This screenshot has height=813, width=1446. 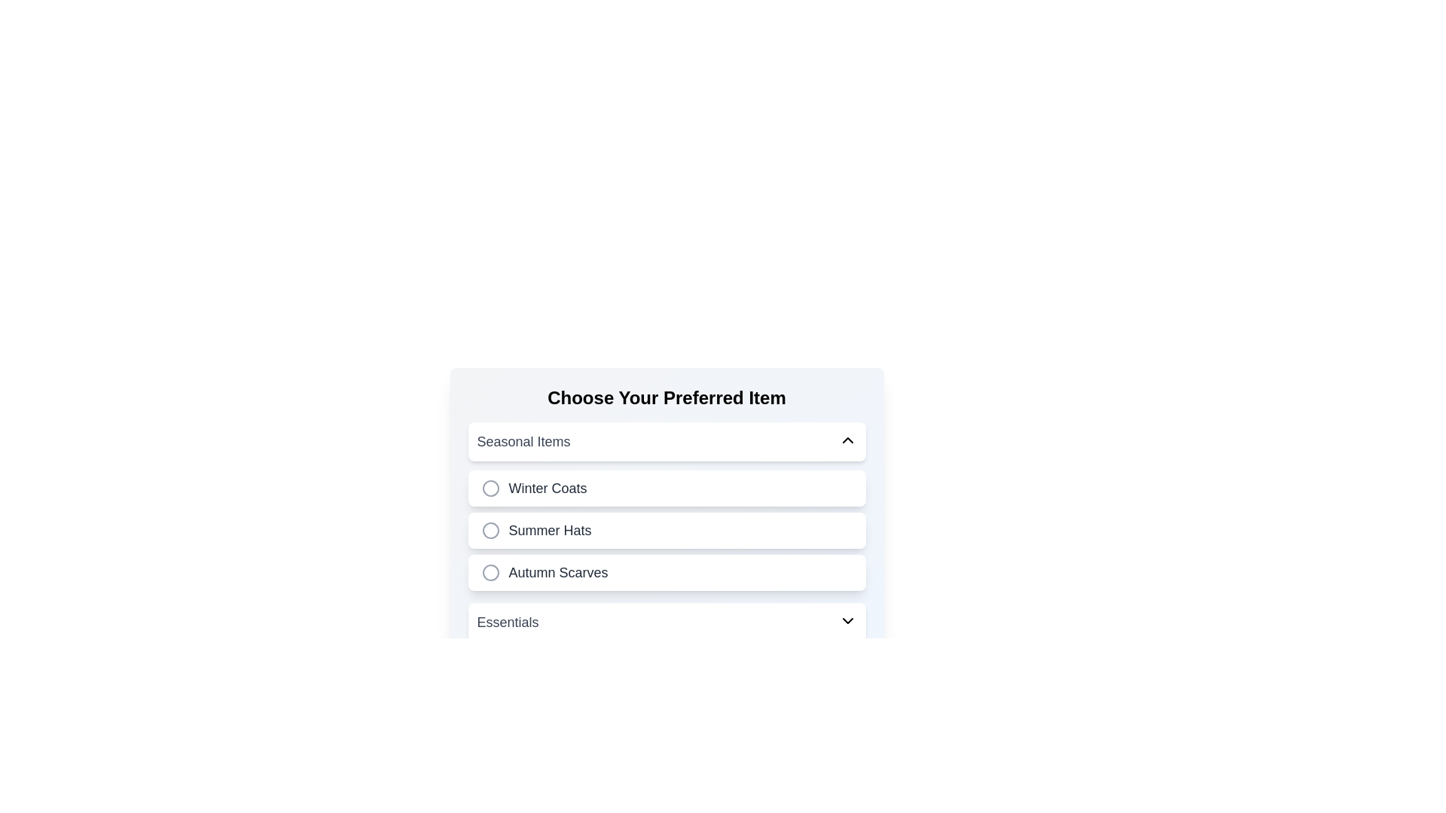 What do you see at coordinates (847, 621) in the screenshot?
I see `the downward-facing chevron icon associated with the 'Essentials' text` at bounding box center [847, 621].